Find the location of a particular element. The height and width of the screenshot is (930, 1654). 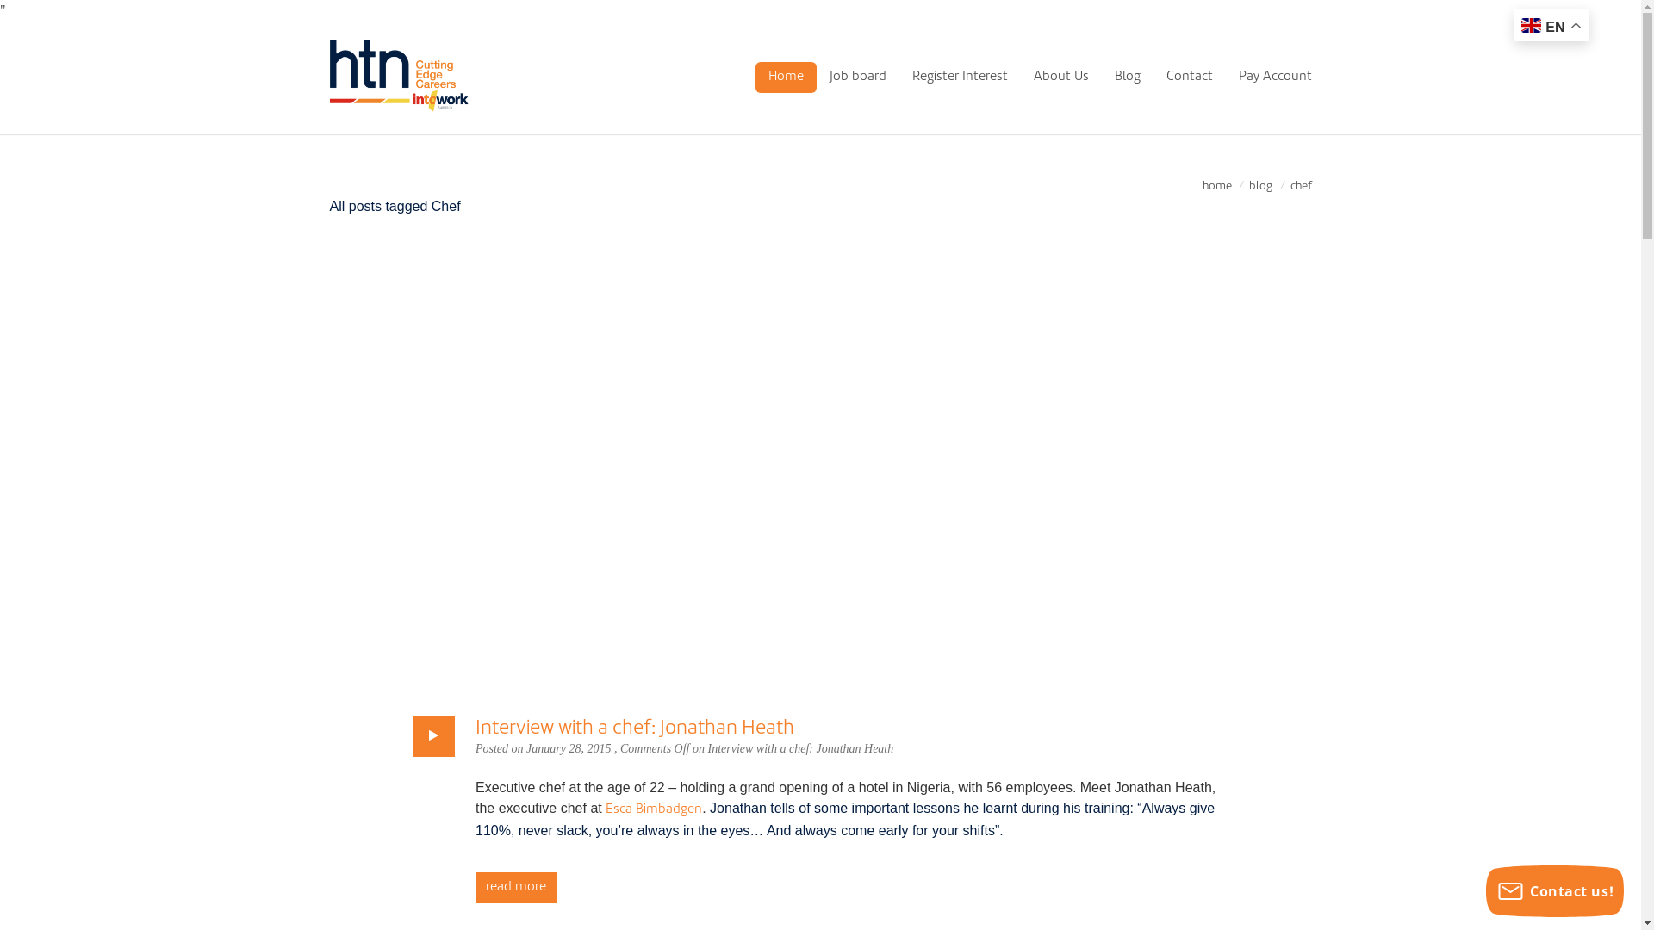

'Esca Bimbadgen' is located at coordinates (652, 809).